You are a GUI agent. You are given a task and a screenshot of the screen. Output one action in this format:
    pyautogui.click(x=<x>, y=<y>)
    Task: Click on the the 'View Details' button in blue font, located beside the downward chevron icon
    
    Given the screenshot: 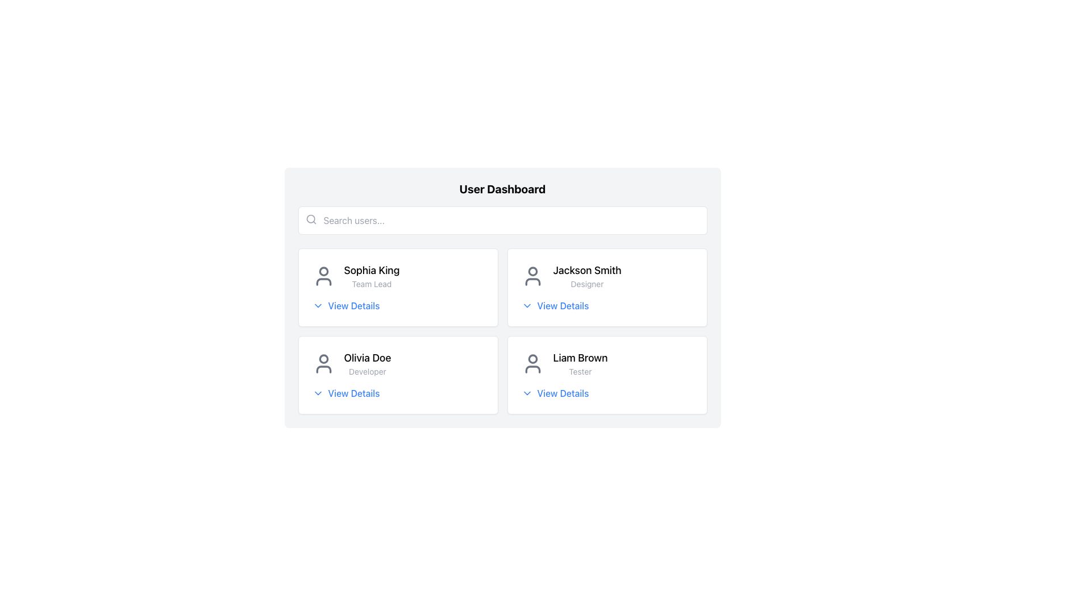 What is the action you would take?
    pyautogui.click(x=555, y=305)
    